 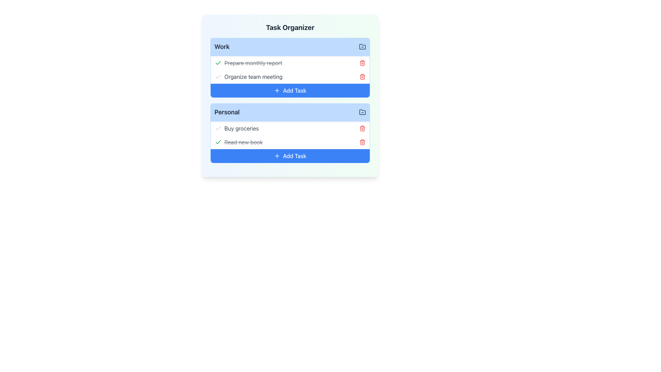 I want to click on the task within the 'Work' section of the Task Manager, so click(x=290, y=68).